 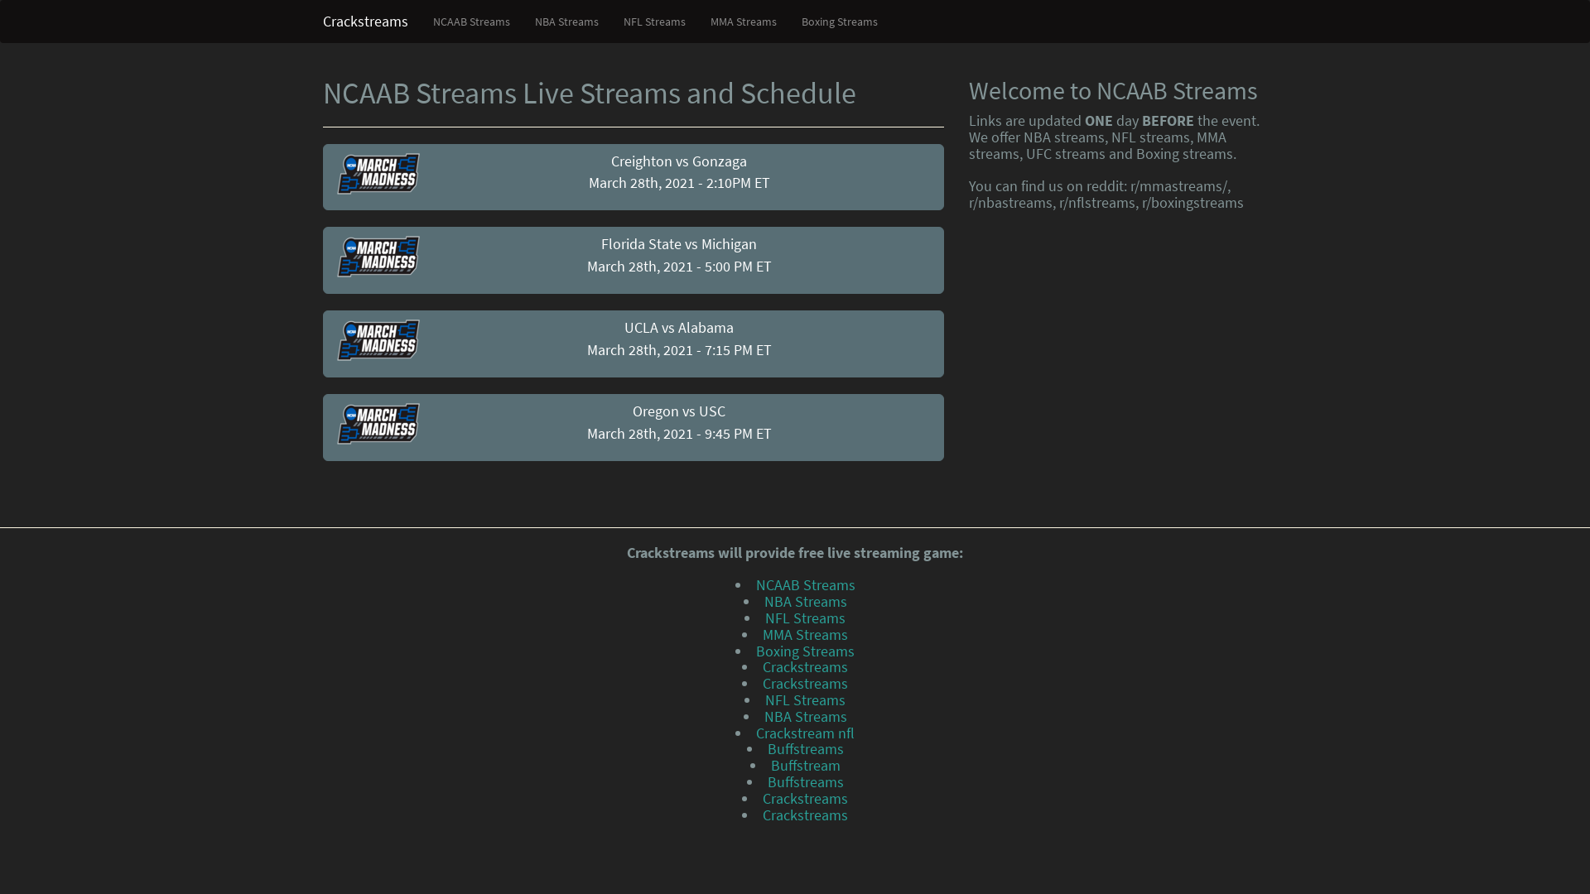 What do you see at coordinates (322, 260) in the screenshot?
I see `'Florida State vs Michigan` at bounding box center [322, 260].